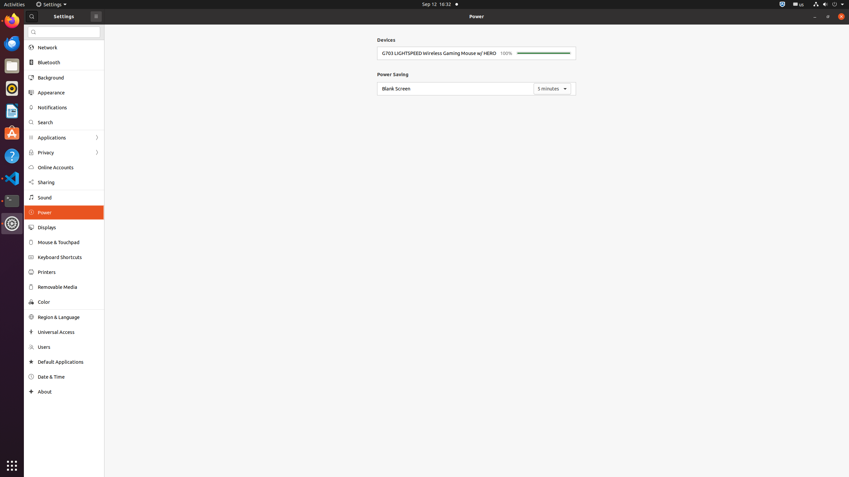  Describe the element at coordinates (841, 16) in the screenshot. I see `'Close'` at that location.